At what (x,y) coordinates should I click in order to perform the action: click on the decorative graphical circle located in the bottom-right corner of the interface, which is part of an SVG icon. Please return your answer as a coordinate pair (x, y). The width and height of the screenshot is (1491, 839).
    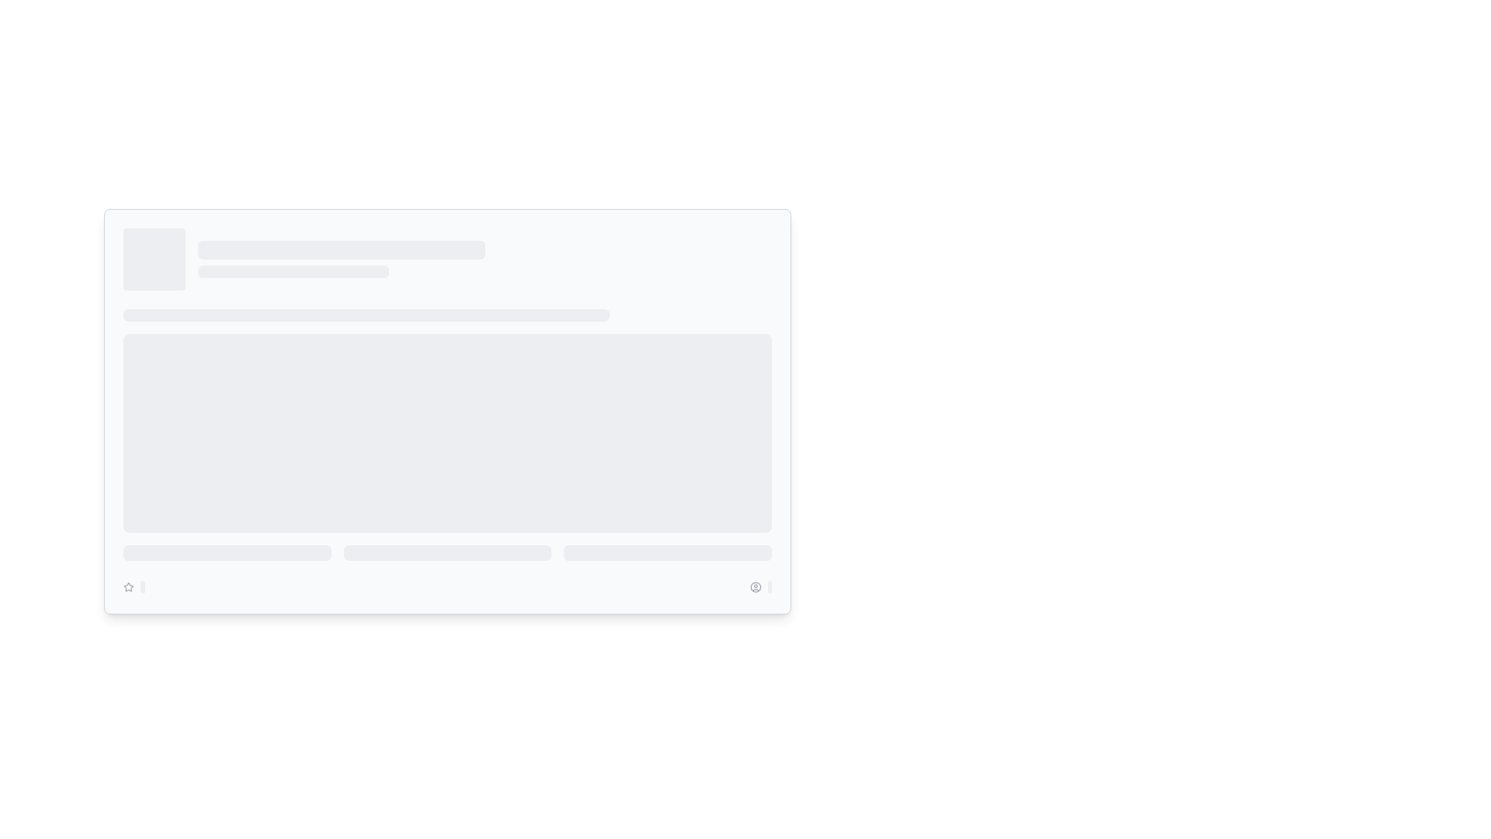
    Looking at the image, I should click on (756, 587).